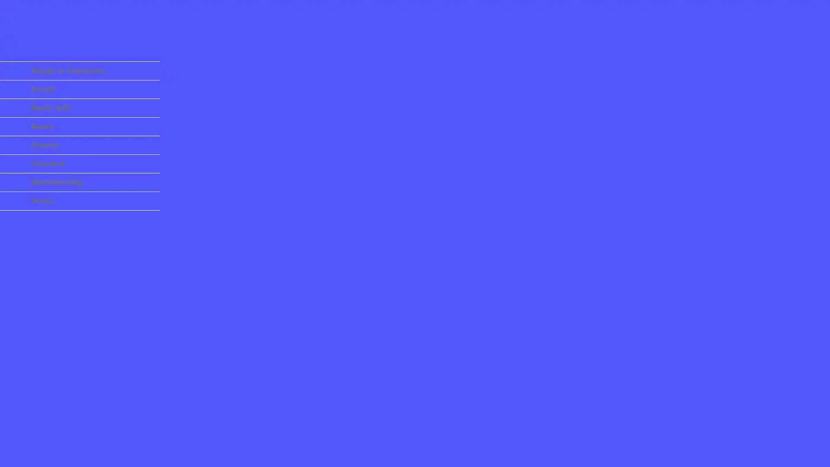 This screenshot has height=467, width=830. Describe the element at coordinates (664, 98) in the screenshot. I see `U+067B` at that location.